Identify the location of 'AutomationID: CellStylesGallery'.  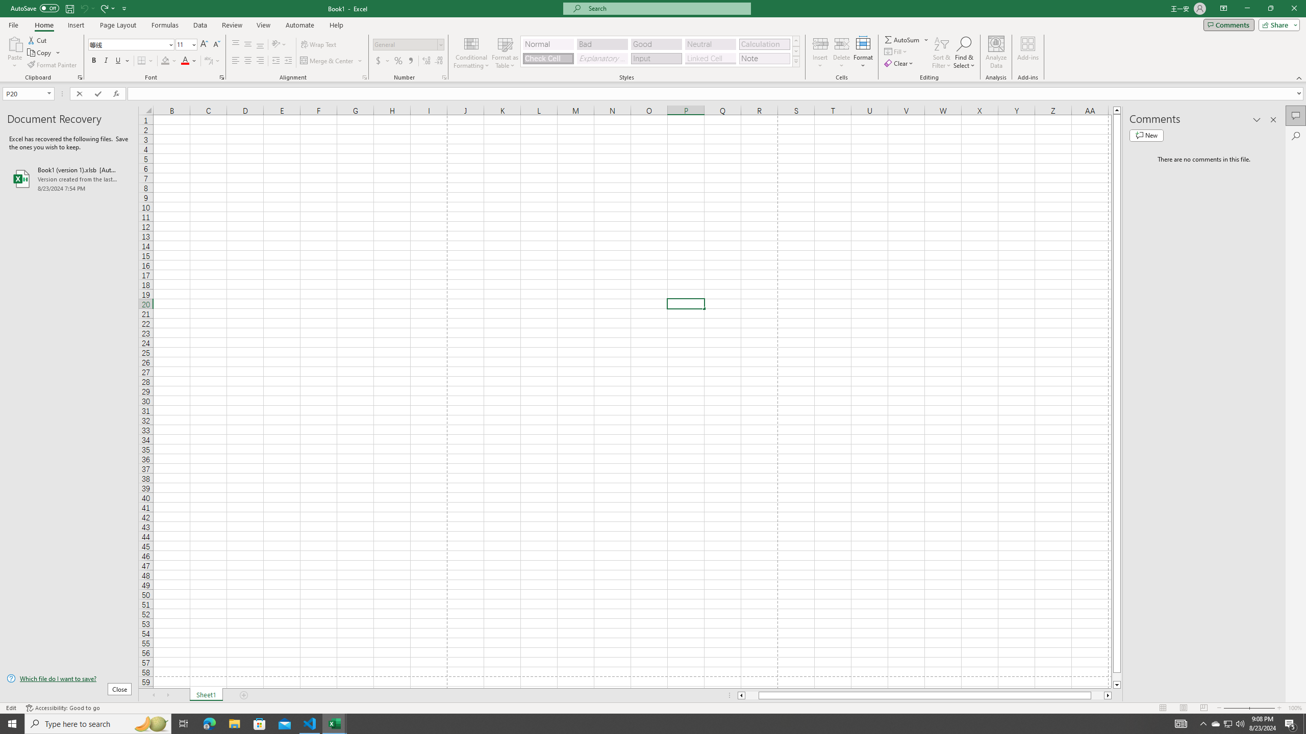
(661, 51).